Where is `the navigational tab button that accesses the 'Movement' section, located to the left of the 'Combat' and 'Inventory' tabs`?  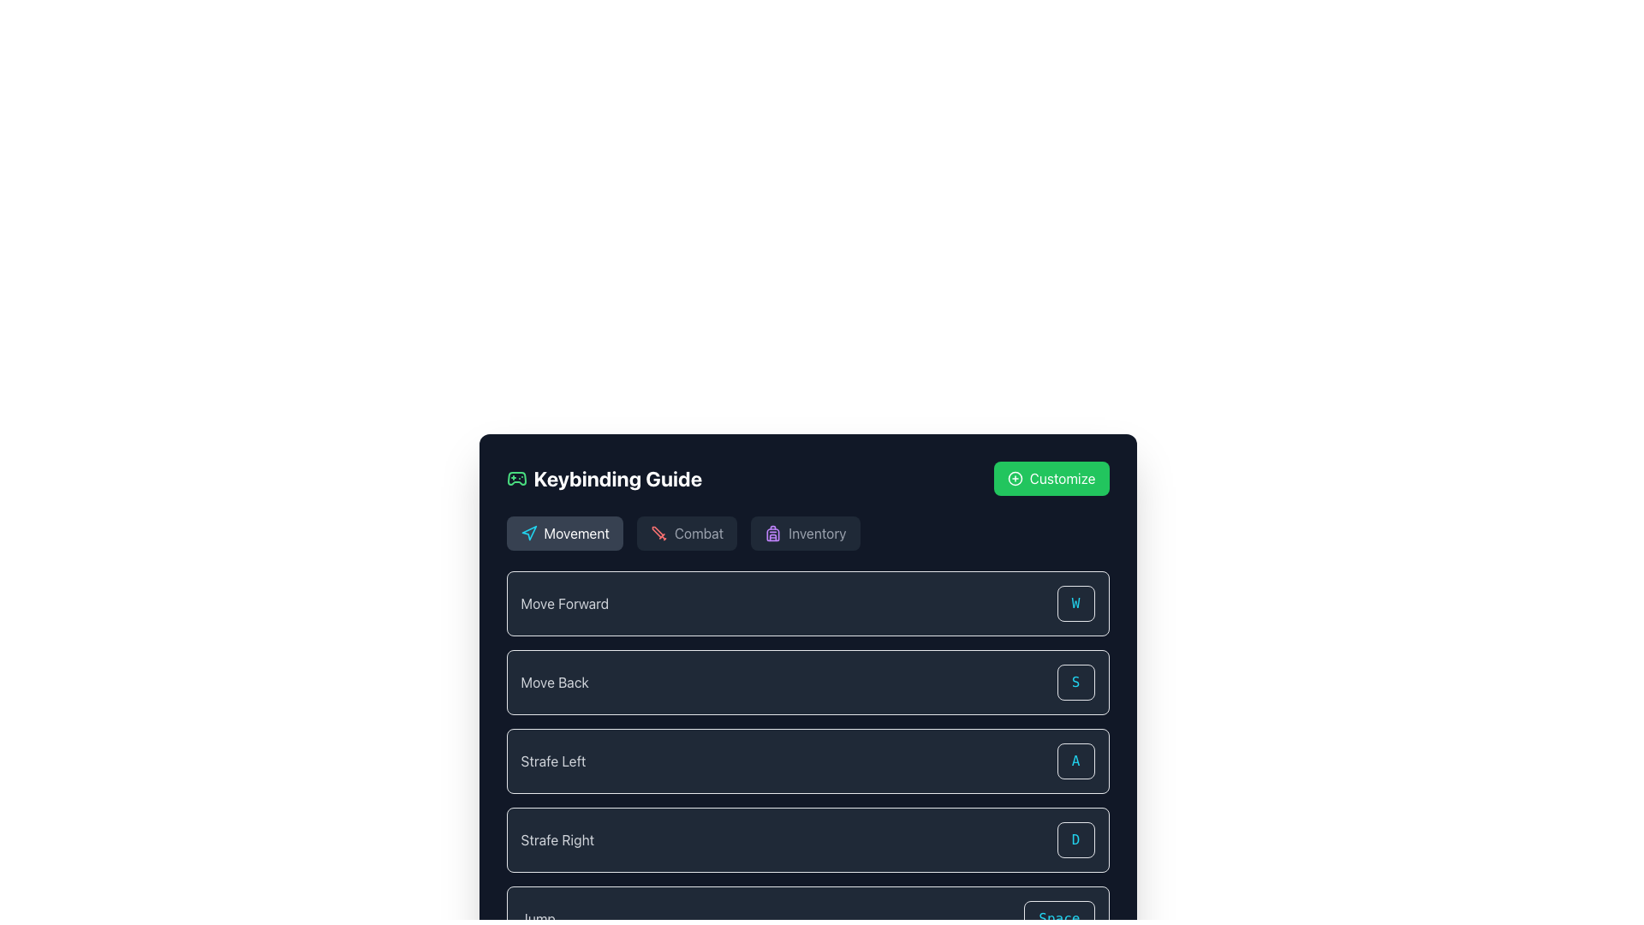 the navigational tab button that accesses the 'Movement' section, located to the left of the 'Combat' and 'Inventory' tabs is located at coordinates (564, 533).